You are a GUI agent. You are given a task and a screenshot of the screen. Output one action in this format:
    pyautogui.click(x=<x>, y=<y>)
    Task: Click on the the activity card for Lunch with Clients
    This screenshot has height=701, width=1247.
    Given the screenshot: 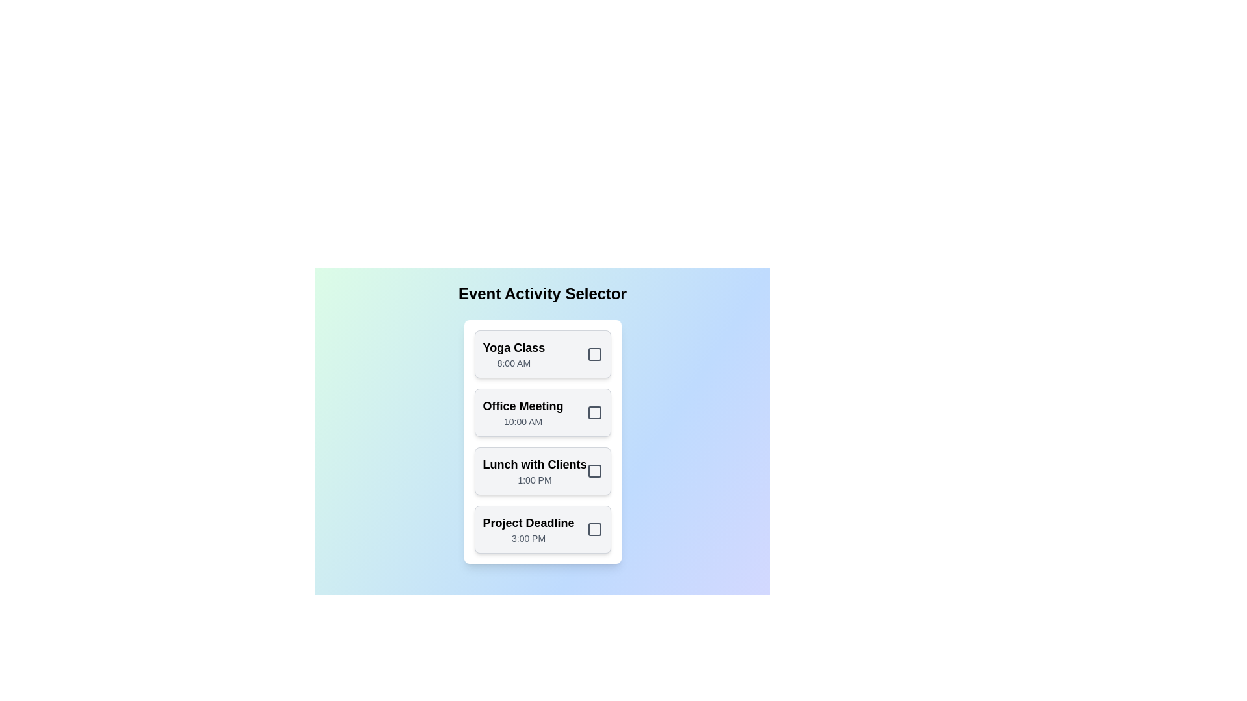 What is the action you would take?
    pyautogui.click(x=542, y=471)
    